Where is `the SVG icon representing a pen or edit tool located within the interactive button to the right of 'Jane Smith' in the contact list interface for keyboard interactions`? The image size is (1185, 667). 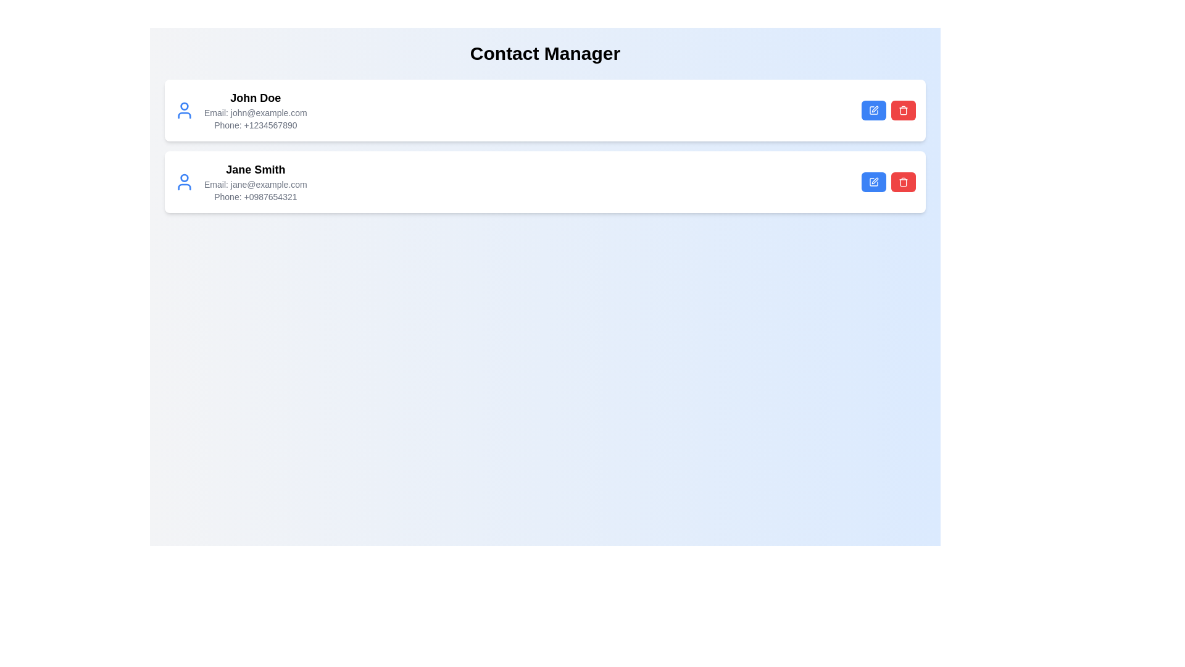
the SVG icon representing a pen or edit tool located within the interactive button to the right of 'Jane Smith' in the contact list interface for keyboard interactions is located at coordinates (874, 181).